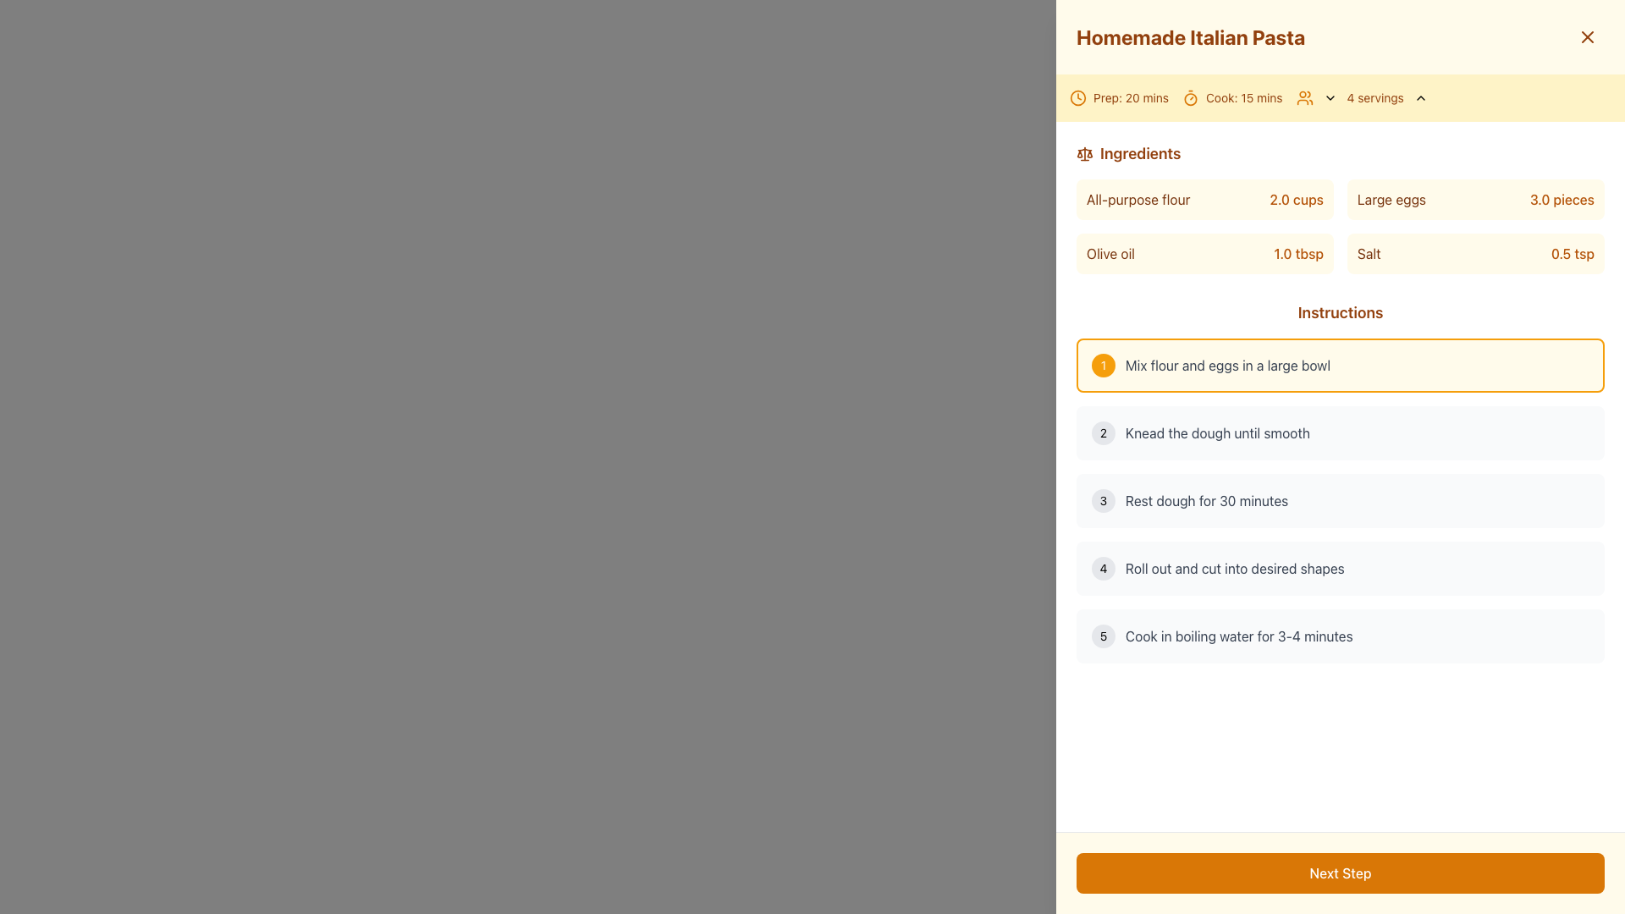 The height and width of the screenshot is (914, 1625). I want to click on the second step indicator in the 'Instructions' section of the recipe interface to focus on this step, so click(1104, 432).